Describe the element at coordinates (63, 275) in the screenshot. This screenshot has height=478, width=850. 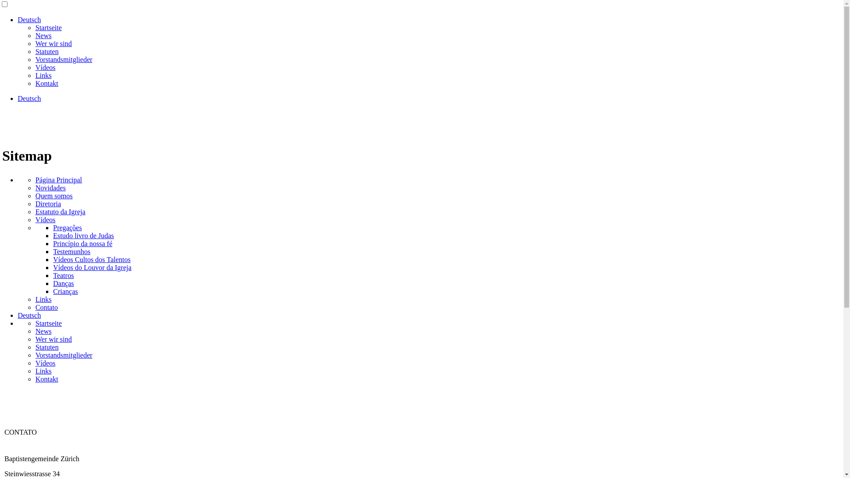
I see `'Teatros'` at that location.